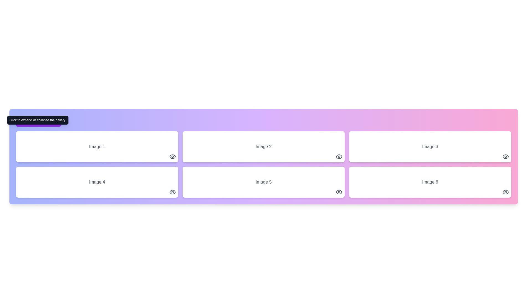 The image size is (532, 299). I want to click on the button labeled 'Image 1' with an eye icon, so click(97, 146).